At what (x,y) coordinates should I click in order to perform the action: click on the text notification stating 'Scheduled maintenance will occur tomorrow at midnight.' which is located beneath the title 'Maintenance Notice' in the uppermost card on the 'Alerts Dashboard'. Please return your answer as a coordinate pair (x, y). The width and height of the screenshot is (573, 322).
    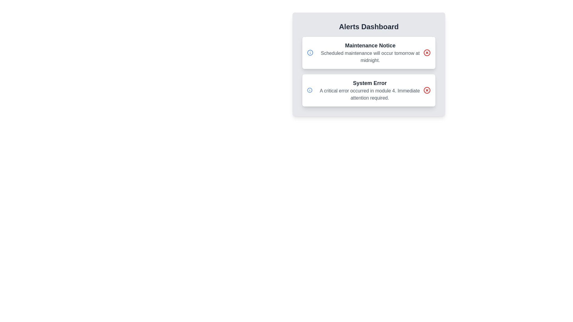
    Looking at the image, I should click on (370, 57).